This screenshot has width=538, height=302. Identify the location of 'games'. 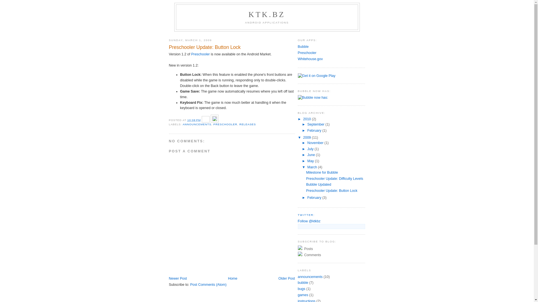
(302, 295).